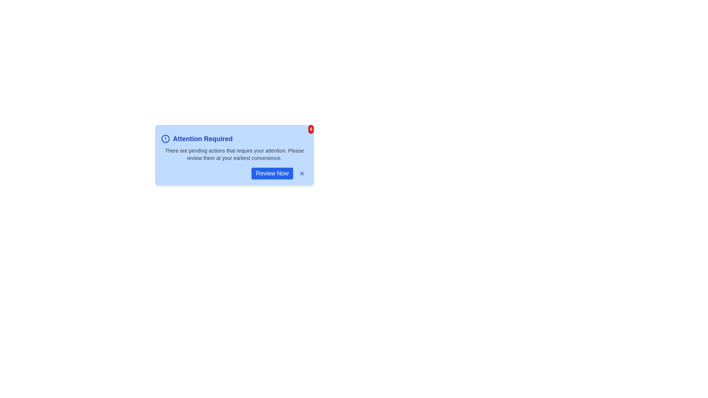 The image size is (708, 398). I want to click on the notification icon resembling a circle with an exclamation mark inside it, which has a blue border and is positioned to the left of the 'Attention Required' text, so click(165, 139).